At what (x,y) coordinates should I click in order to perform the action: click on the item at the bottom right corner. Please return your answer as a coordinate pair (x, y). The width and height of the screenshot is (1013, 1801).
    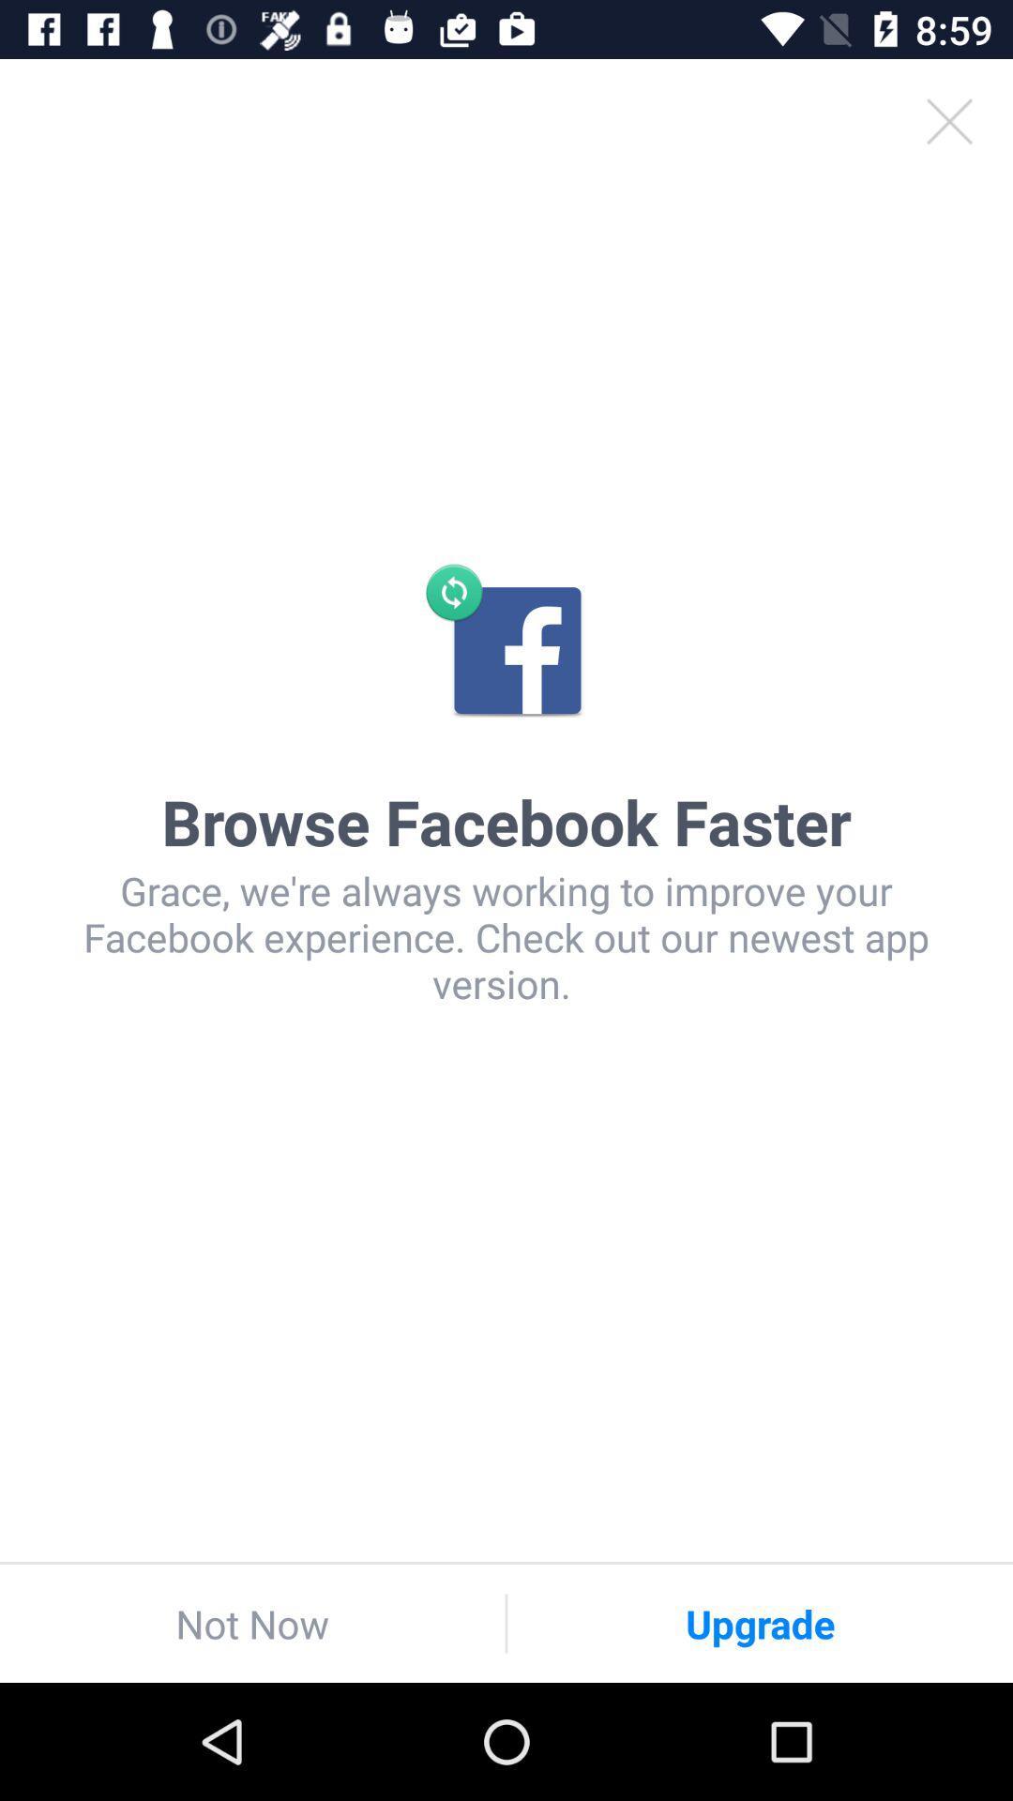
    Looking at the image, I should click on (760, 1623).